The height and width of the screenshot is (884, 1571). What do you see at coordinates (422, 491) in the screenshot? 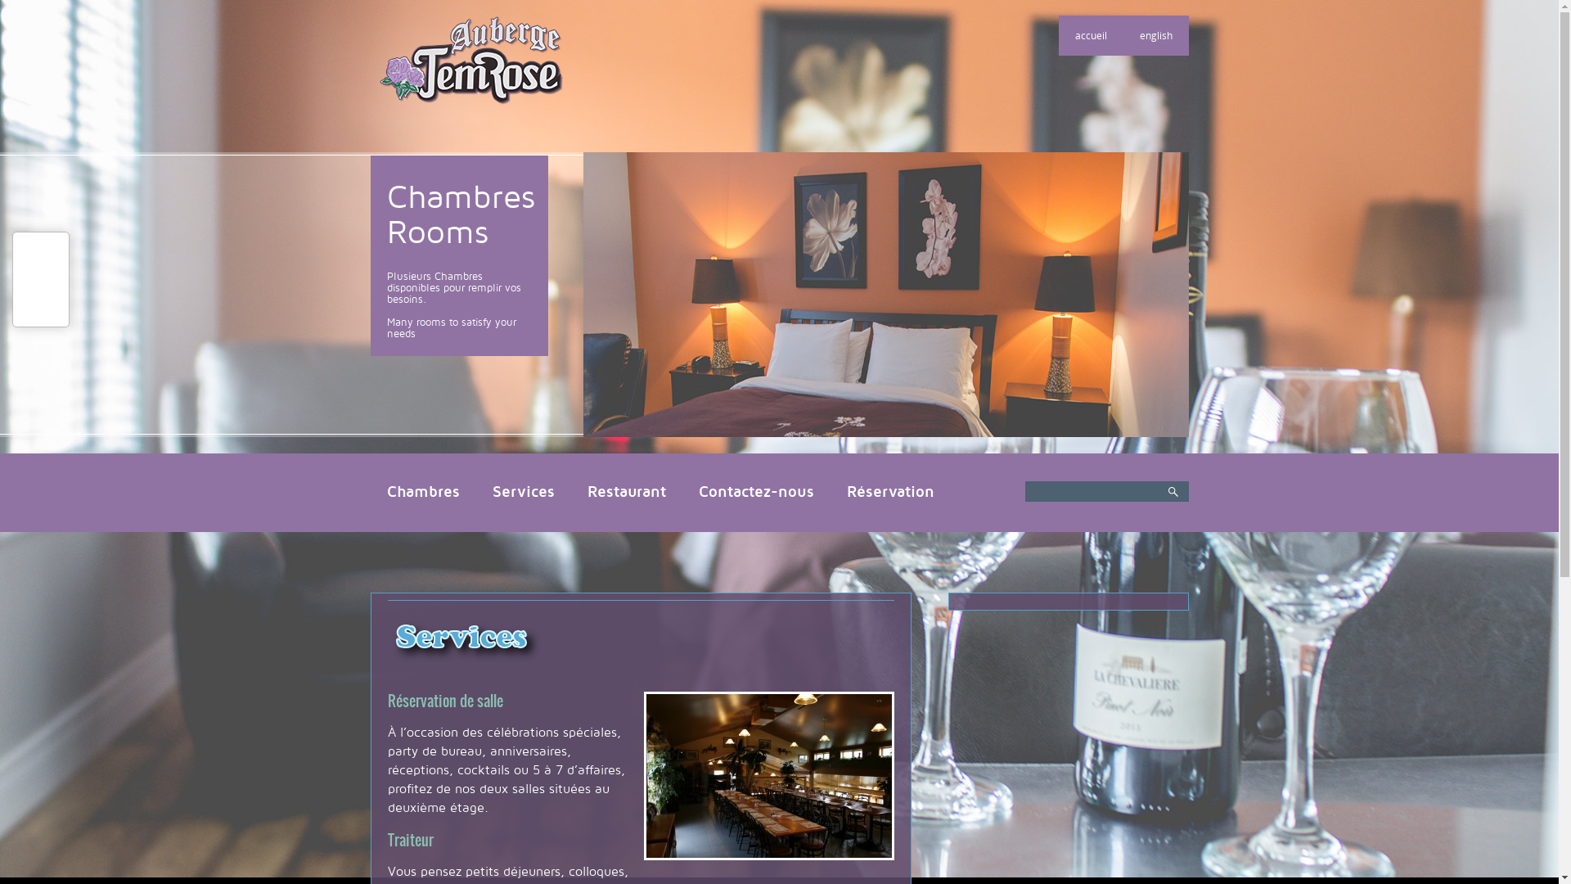
I see `'Chambres'` at bounding box center [422, 491].